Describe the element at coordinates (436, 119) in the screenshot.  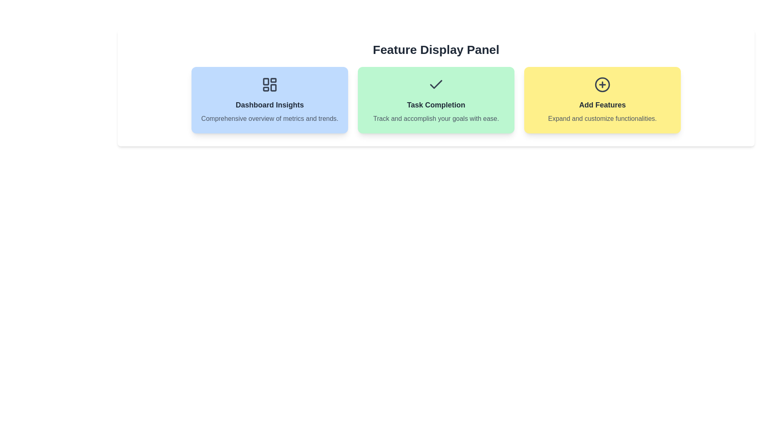
I see `the static descriptive text element that contains the text 'Track and accomplish your goals with ease.' located within a green background card, positioned below the title 'Task Completion'` at that location.